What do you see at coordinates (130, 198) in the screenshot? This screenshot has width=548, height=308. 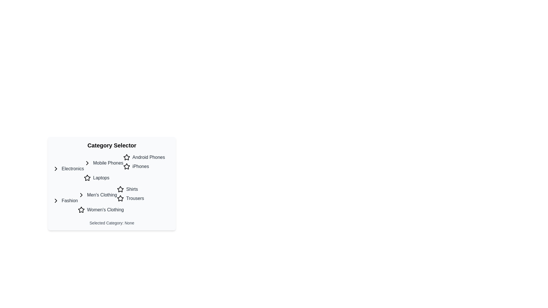 I see `the clickable text label for the 'Trousers' subcategory located under 'Men's Clothing' in the 'Fashion' category, which is the second entry below 'Shirts'` at bounding box center [130, 198].